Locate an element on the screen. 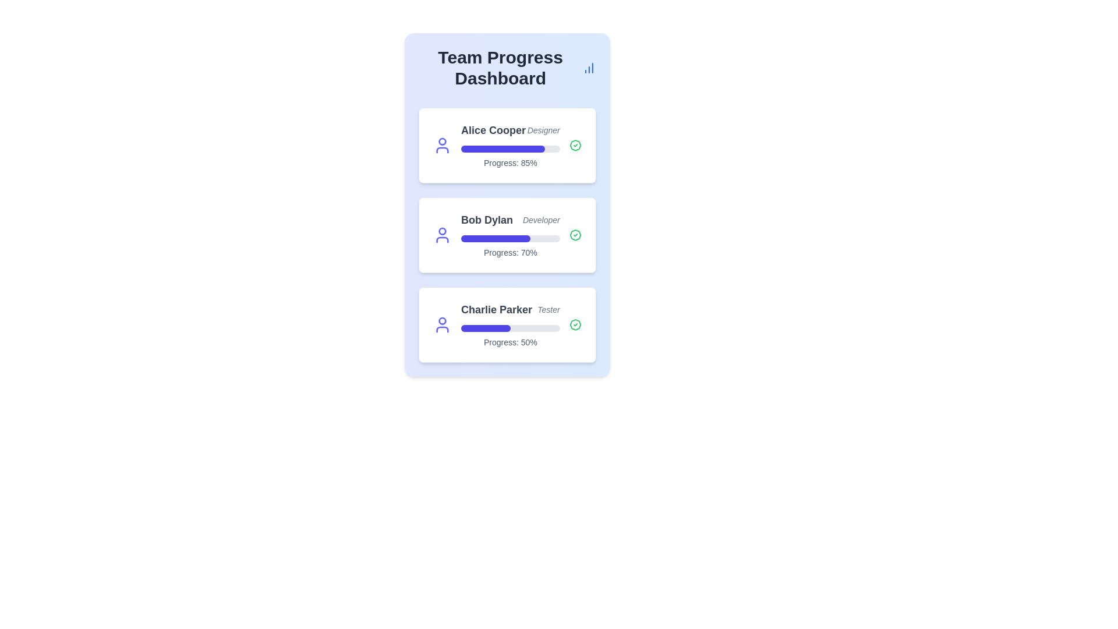 This screenshot has width=1118, height=629. the progress bar located below the 'Bob Dylan Developer' name and title text, which is filled to approximately 70% with a blue segment is located at coordinates (510, 238).